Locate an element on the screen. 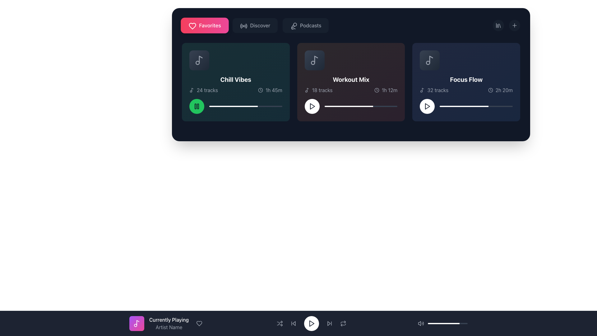 The image size is (597, 336). the musical note icon representing the 'Workout Mix' playlist, located in the top left corner of its card is located at coordinates (314, 60).